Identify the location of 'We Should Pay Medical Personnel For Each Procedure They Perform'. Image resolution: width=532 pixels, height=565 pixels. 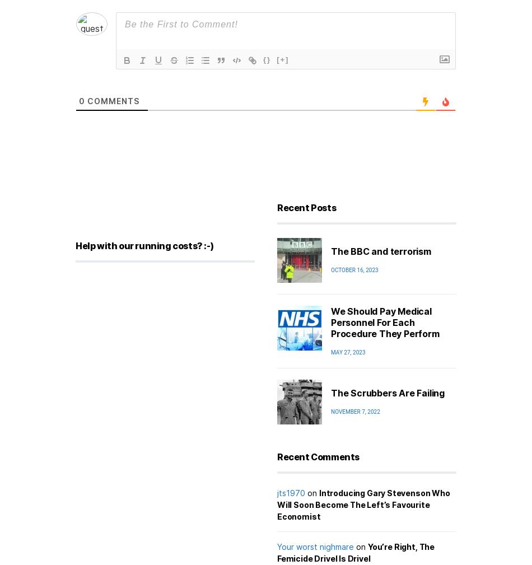
(385, 322).